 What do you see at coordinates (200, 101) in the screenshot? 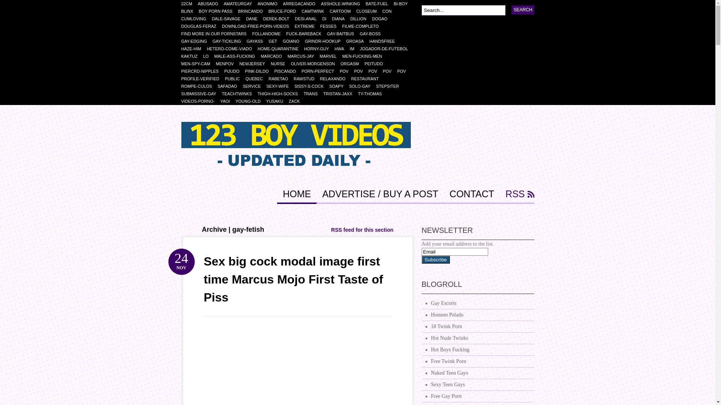
I see `'VIDEOS-PORNO-'` at bounding box center [200, 101].